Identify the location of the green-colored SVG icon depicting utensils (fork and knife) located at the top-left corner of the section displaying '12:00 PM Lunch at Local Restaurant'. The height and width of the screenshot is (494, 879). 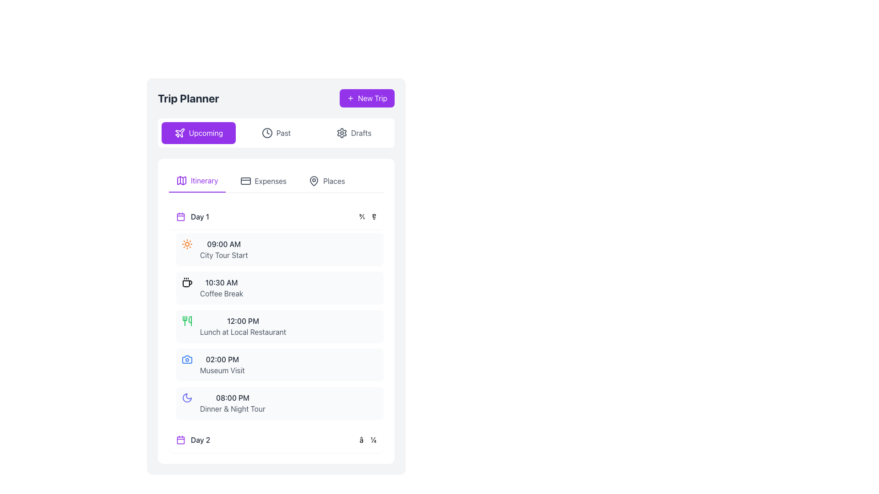
(186, 321).